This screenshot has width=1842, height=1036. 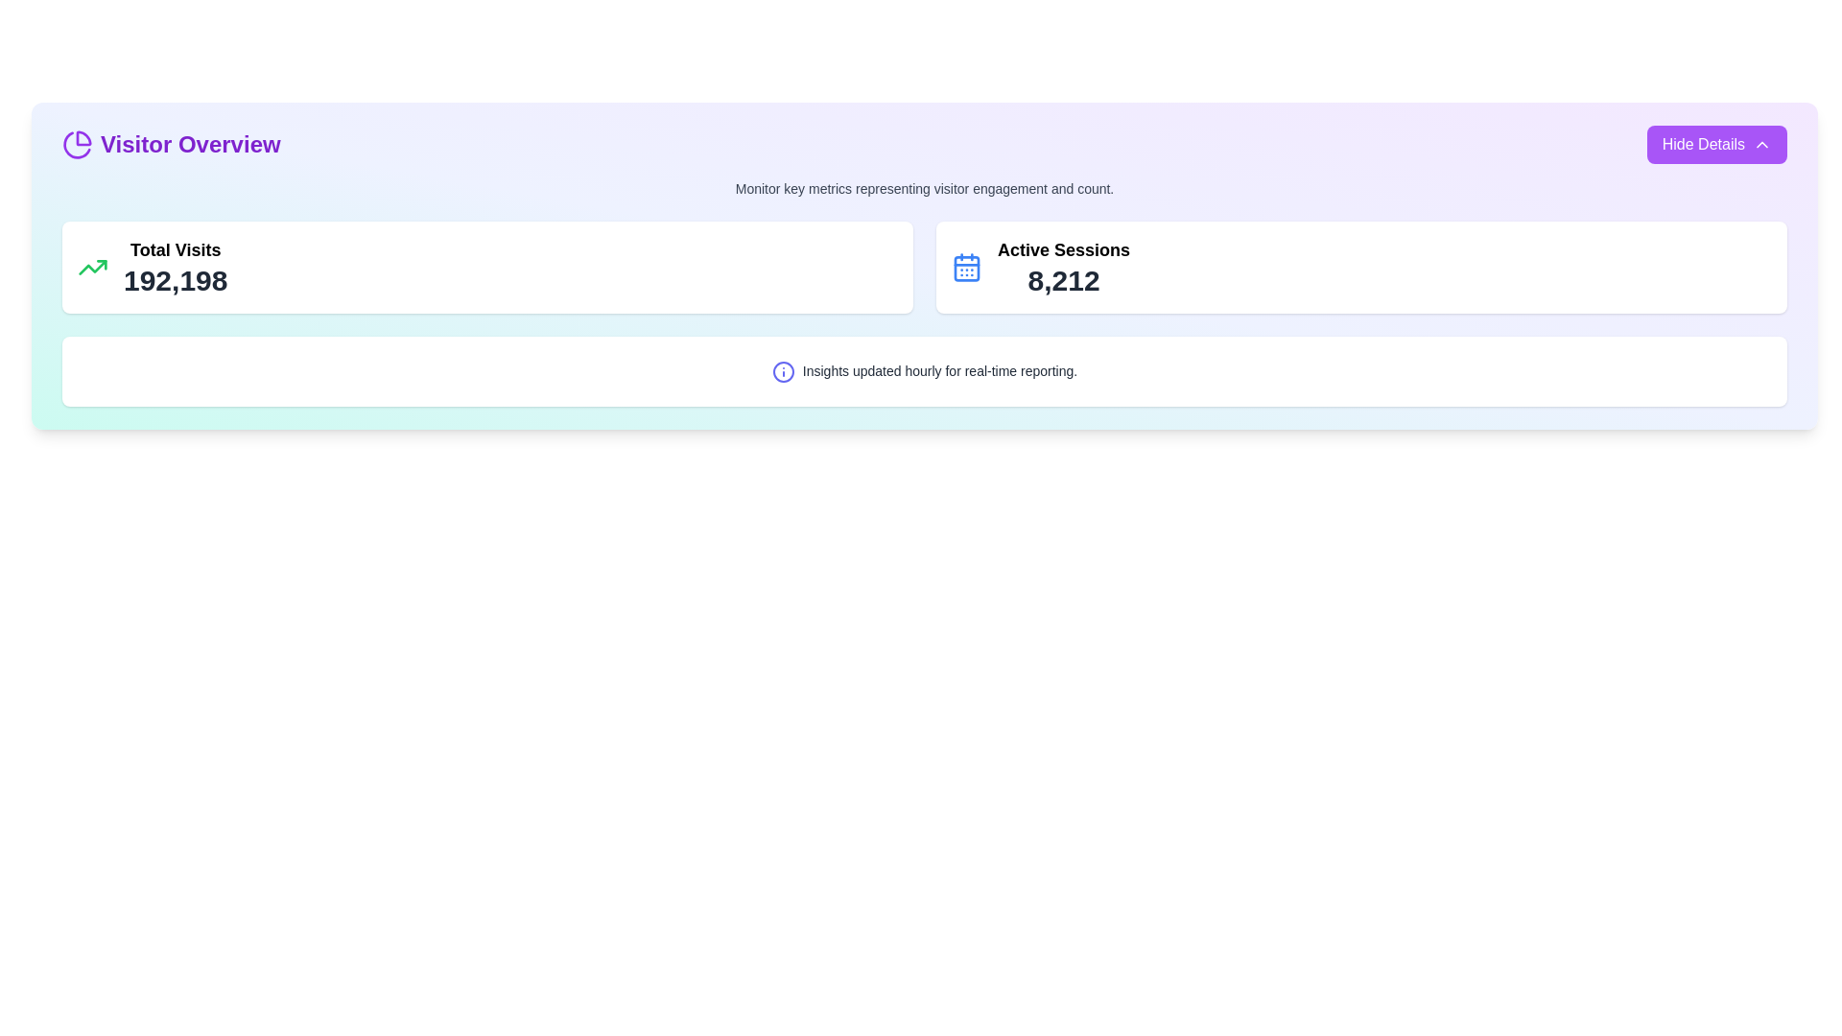 What do you see at coordinates (1716, 143) in the screenshot?
I see `the 'Hide Details' button with a purple background and white text, located in the right-hand corner of the 'Visitor Overview' section header` at bounding box center [1716, 143].